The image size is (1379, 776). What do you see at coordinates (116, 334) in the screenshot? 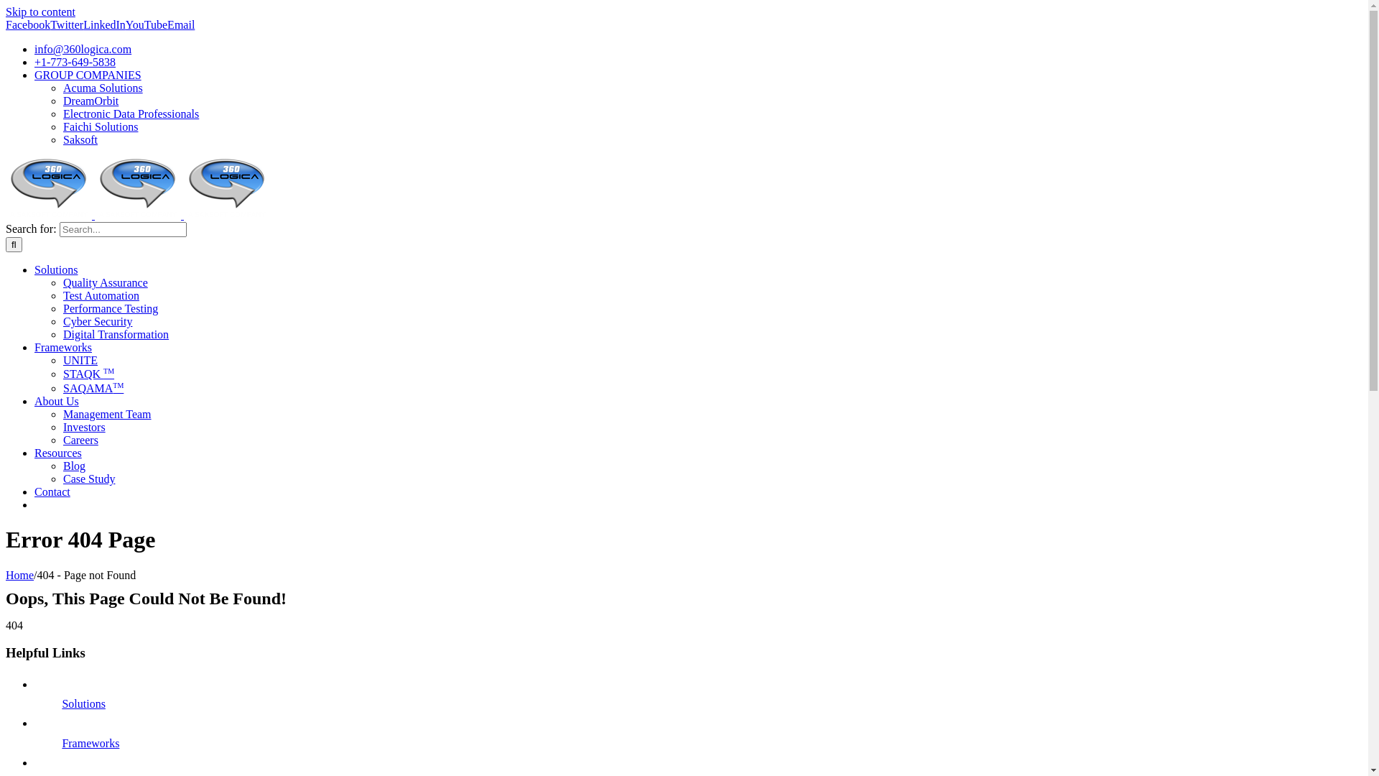
I see `'Digital Transformation'` at bounding box center [116, 334].